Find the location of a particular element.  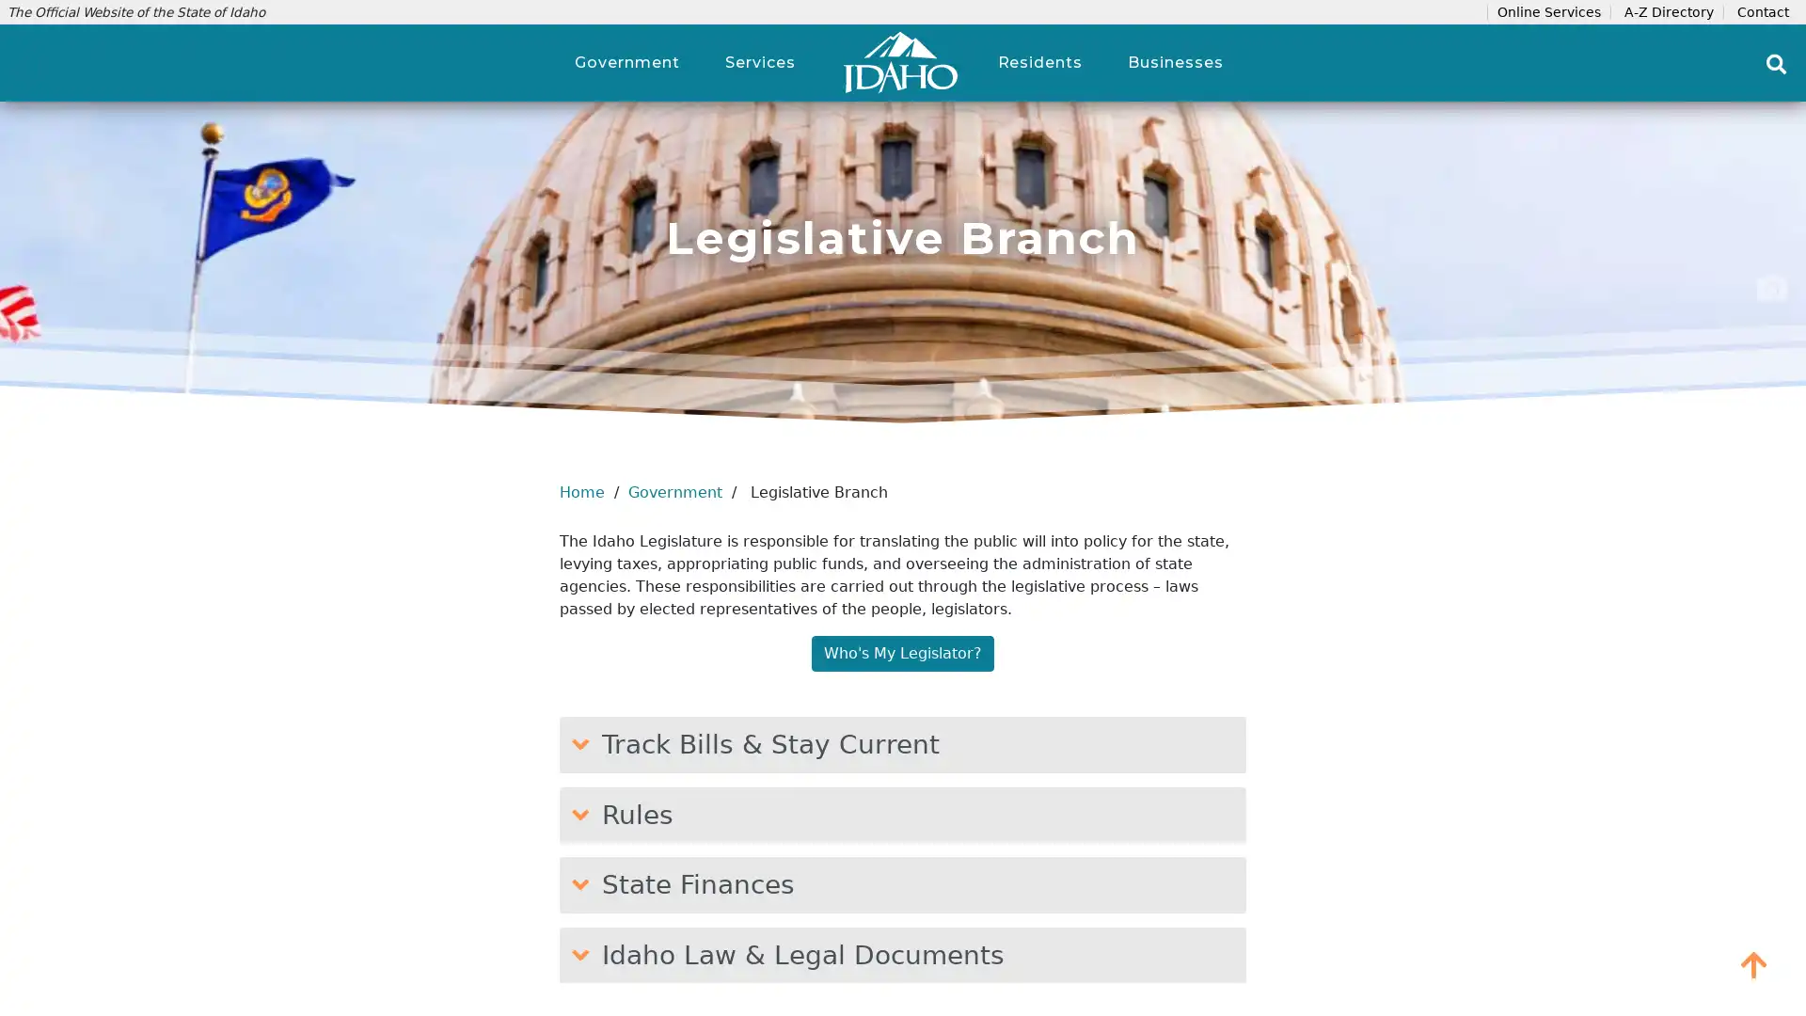

Search is located at coordinates (1776, 63).